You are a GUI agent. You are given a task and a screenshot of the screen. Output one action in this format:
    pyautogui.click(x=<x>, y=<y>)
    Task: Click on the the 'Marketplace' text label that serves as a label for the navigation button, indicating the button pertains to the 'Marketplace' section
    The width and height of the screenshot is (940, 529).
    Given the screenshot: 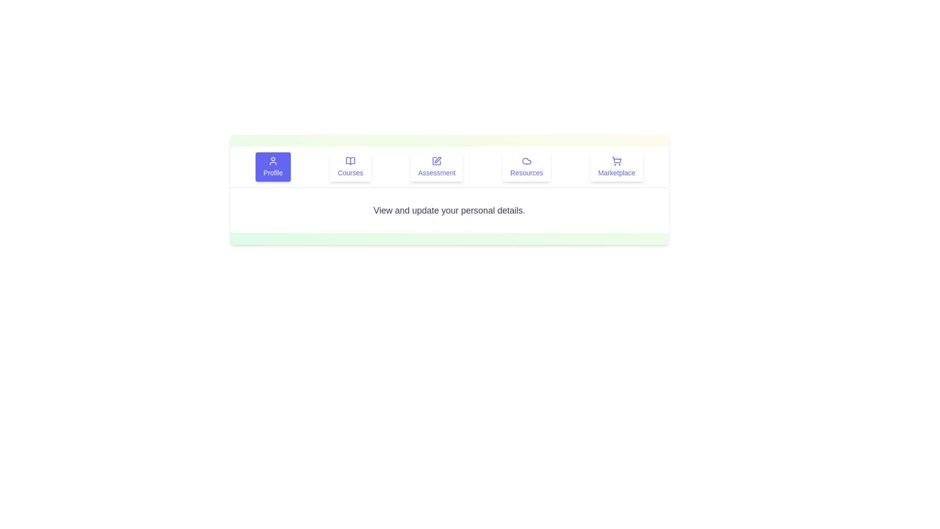 What is the action you would take?
    pyautogui.click(x=616, y=172)
    